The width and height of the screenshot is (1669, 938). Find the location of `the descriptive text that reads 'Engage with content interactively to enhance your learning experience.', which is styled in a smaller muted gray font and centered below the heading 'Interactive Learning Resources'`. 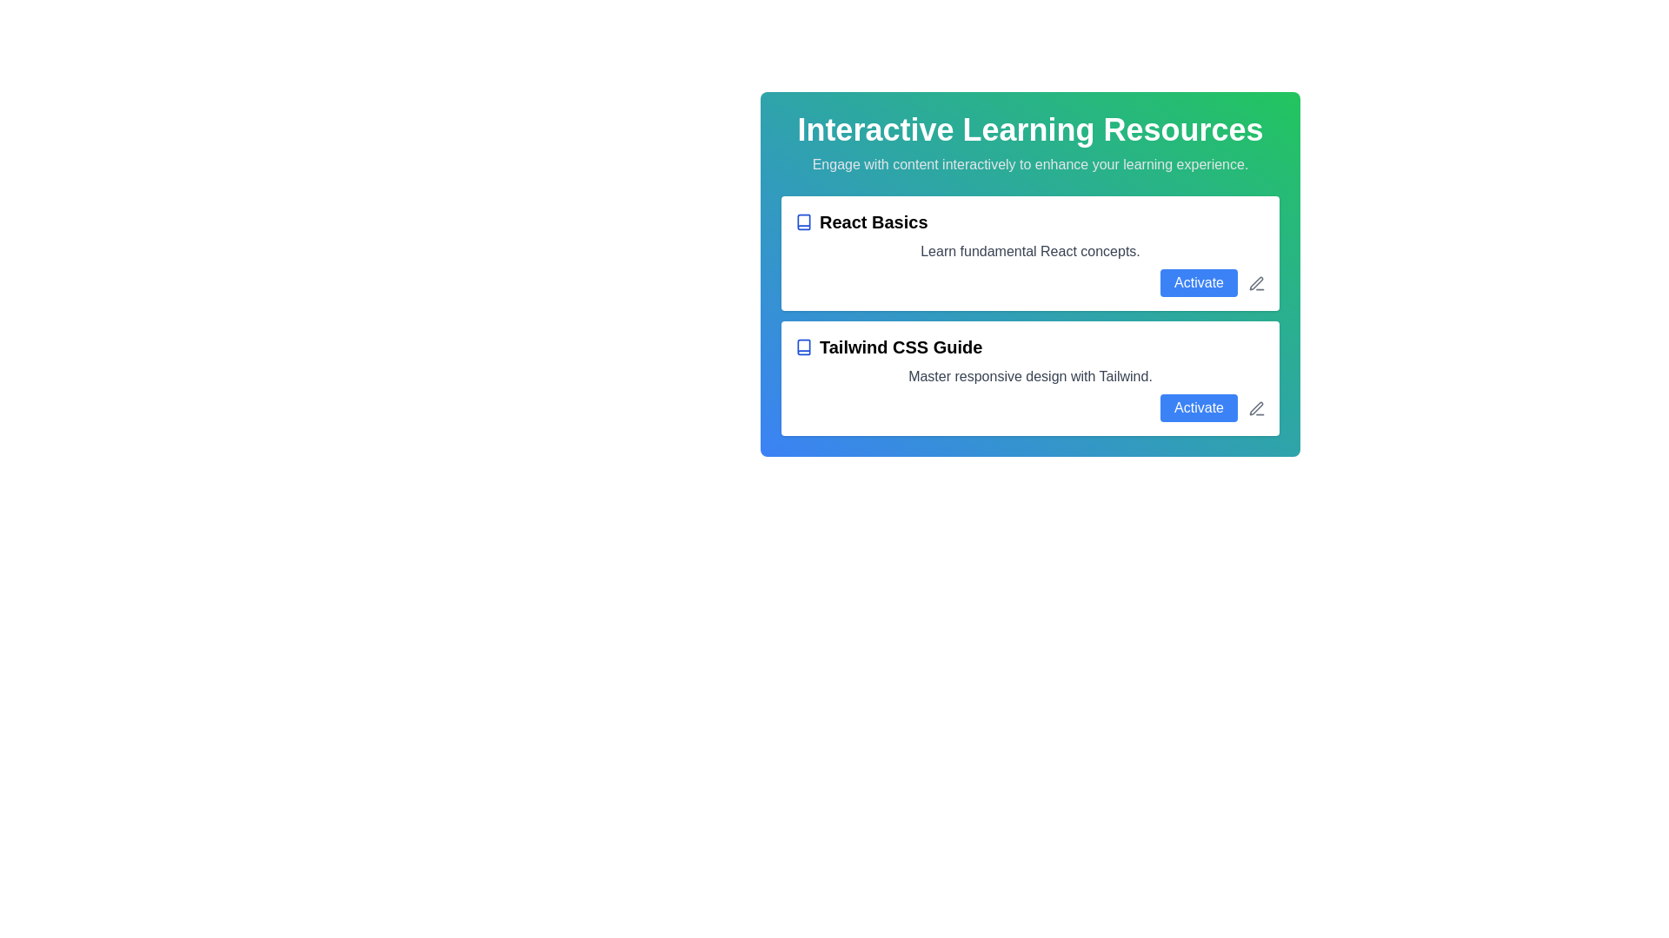

the descriptive text that reads 'Engage with content interactively to enhance your learning experience.', which is styled in a smaller muted gray font and centered below the heading 'Interactive Learning Resources' is located at coordinates (1030, 164).